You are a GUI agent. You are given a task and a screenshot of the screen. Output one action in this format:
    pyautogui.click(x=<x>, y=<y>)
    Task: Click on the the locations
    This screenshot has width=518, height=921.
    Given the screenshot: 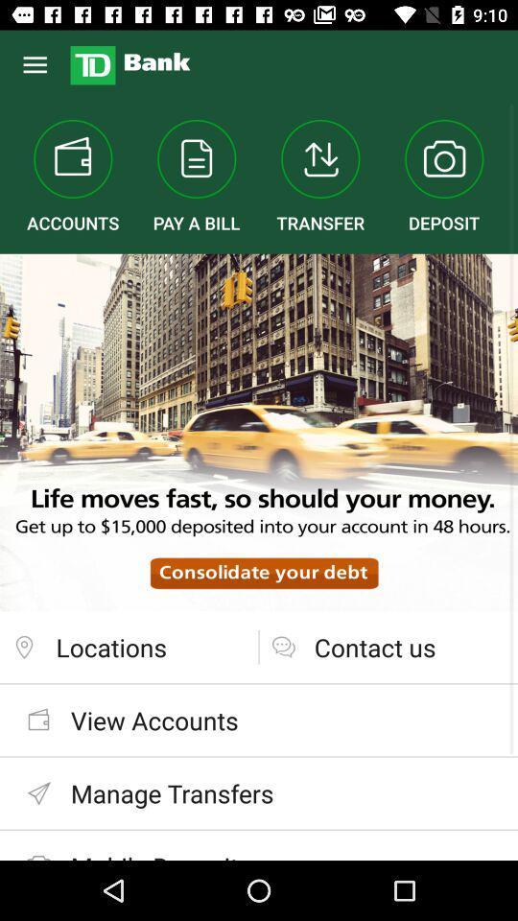 What is the action you would take?
    pyautogui.click(x=129, y=647)
    